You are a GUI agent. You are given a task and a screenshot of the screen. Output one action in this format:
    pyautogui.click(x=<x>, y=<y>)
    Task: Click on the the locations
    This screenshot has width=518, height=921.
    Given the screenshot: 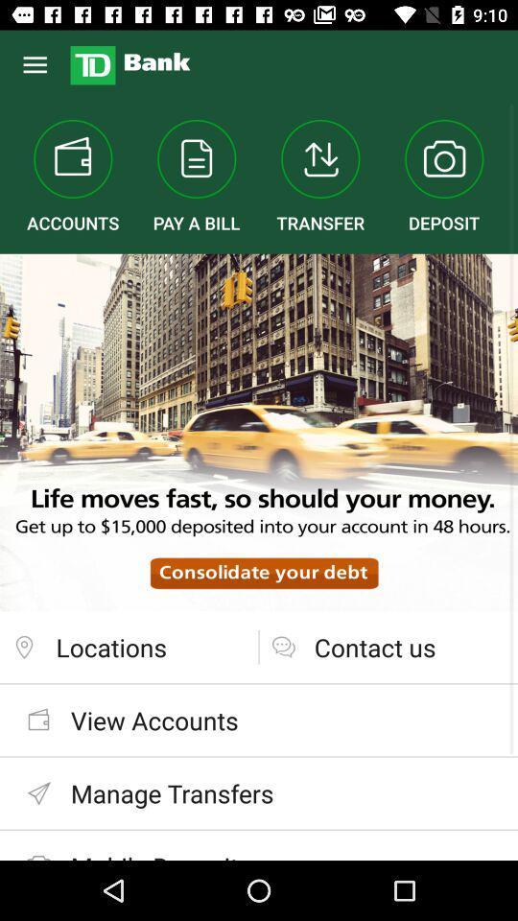 What is the action you would take?
    pyautogui.click(x=129, y=647)
    